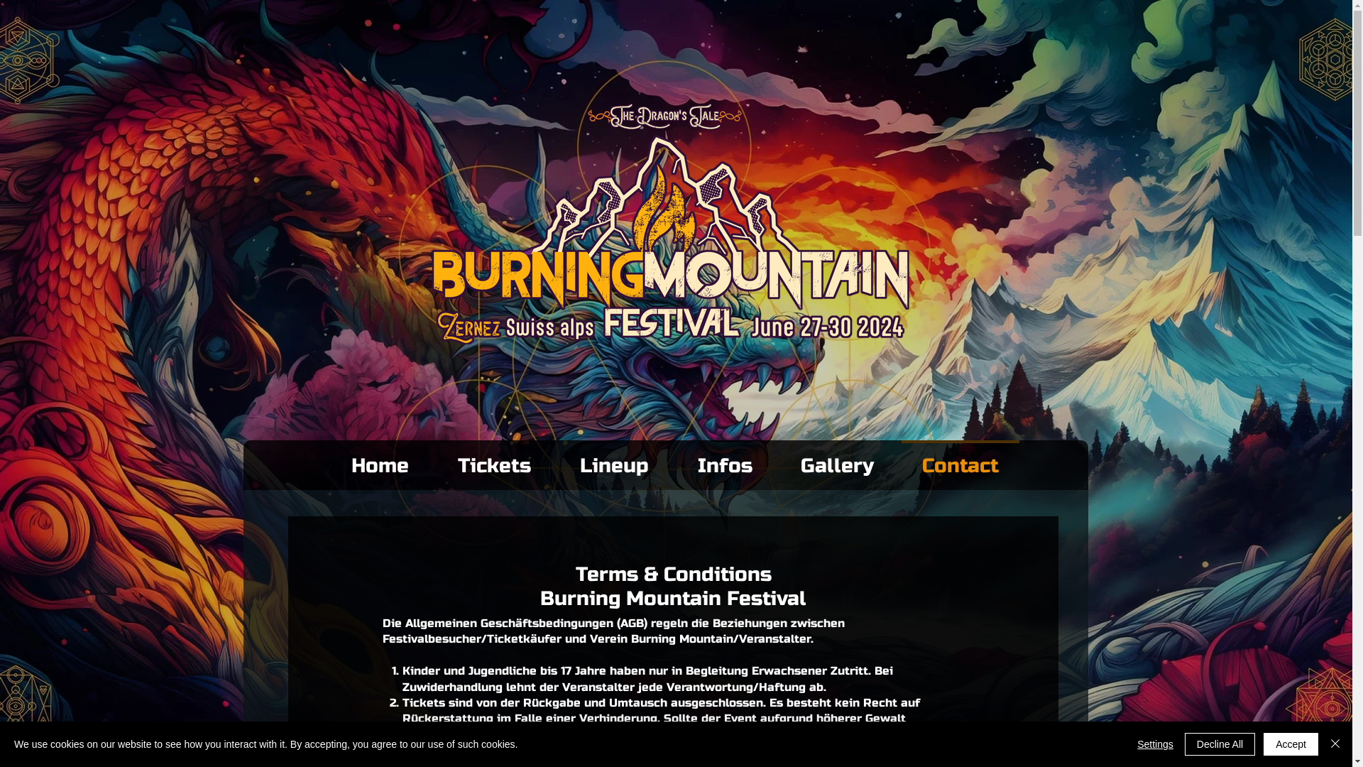 Image resolution: width=1363 pixels, height=767 pixels. What do you see at coordinates (837, 459) in the screenshot?
I see `'Gallery'` at bounding box center [837, 459].